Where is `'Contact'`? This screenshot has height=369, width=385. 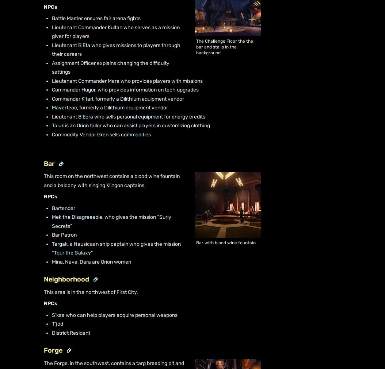
'Contact' is located at coordinates (30, 109).